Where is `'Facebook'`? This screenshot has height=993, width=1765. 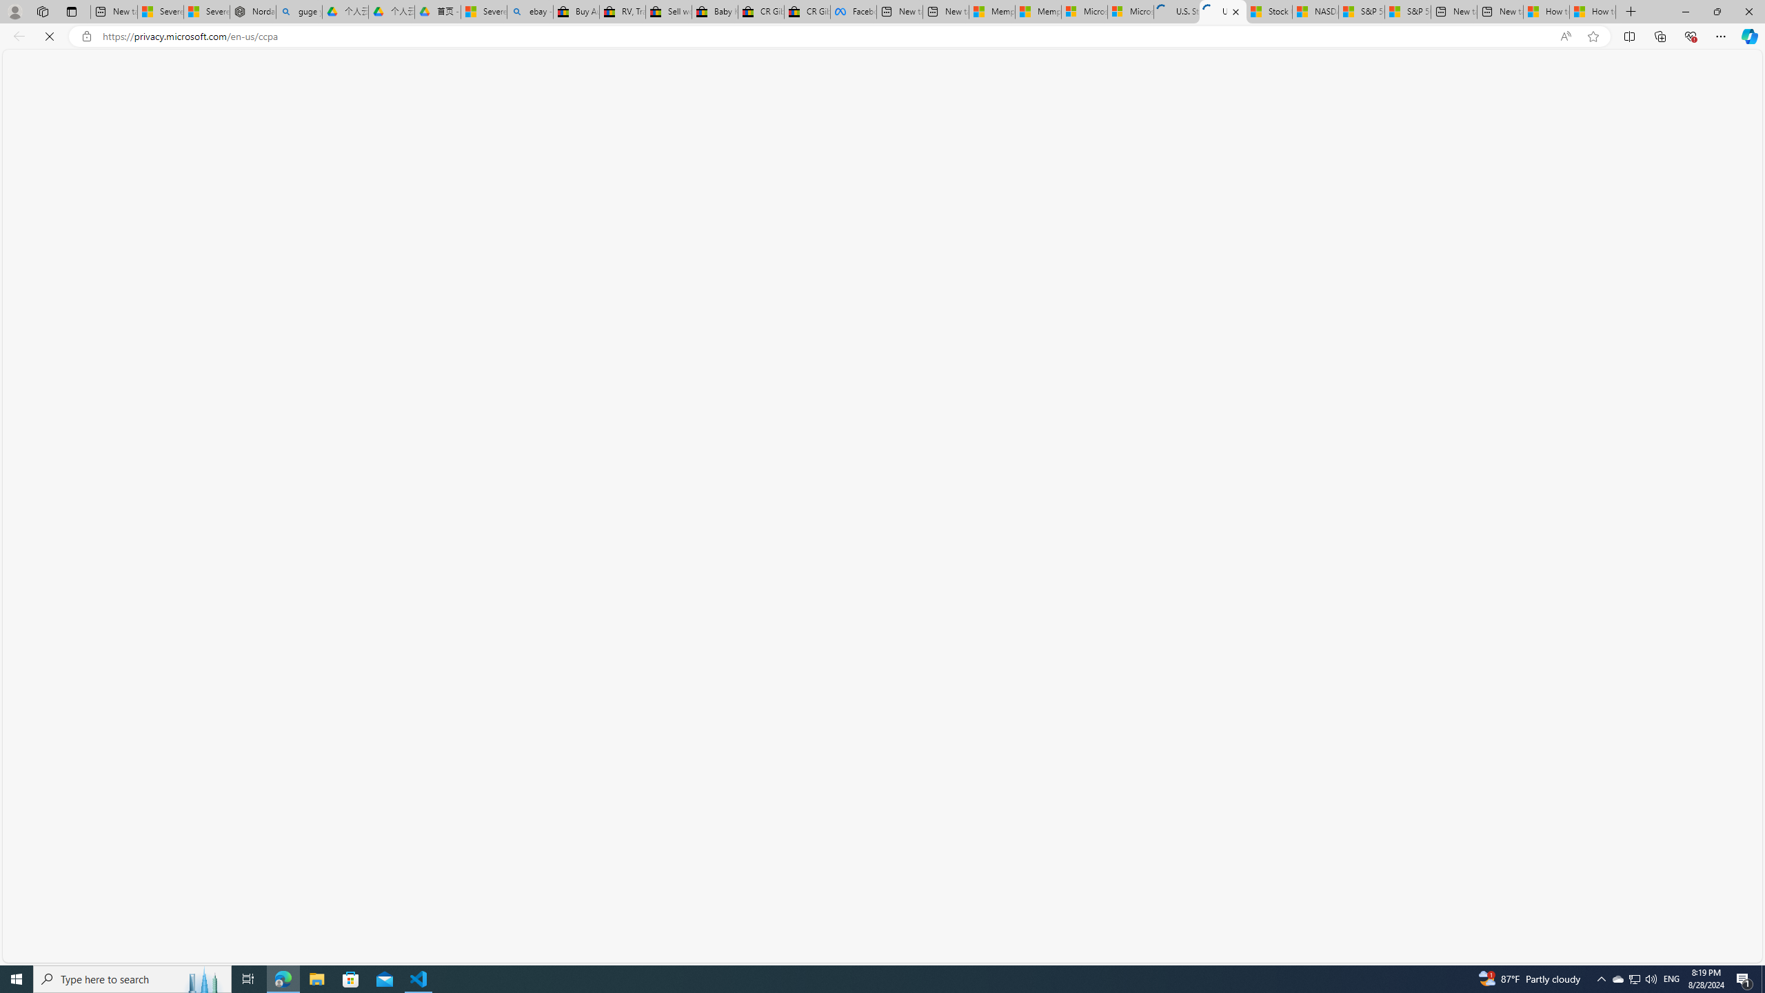
'Facebook' is located at coordinates (852, 11).